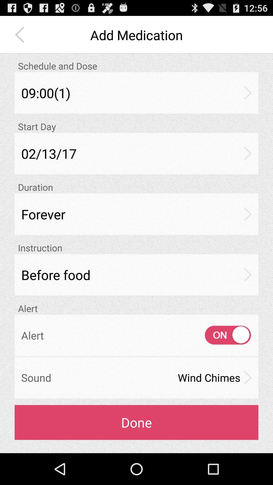  I want to click on the icon below the sound icon, so click(136, 422).